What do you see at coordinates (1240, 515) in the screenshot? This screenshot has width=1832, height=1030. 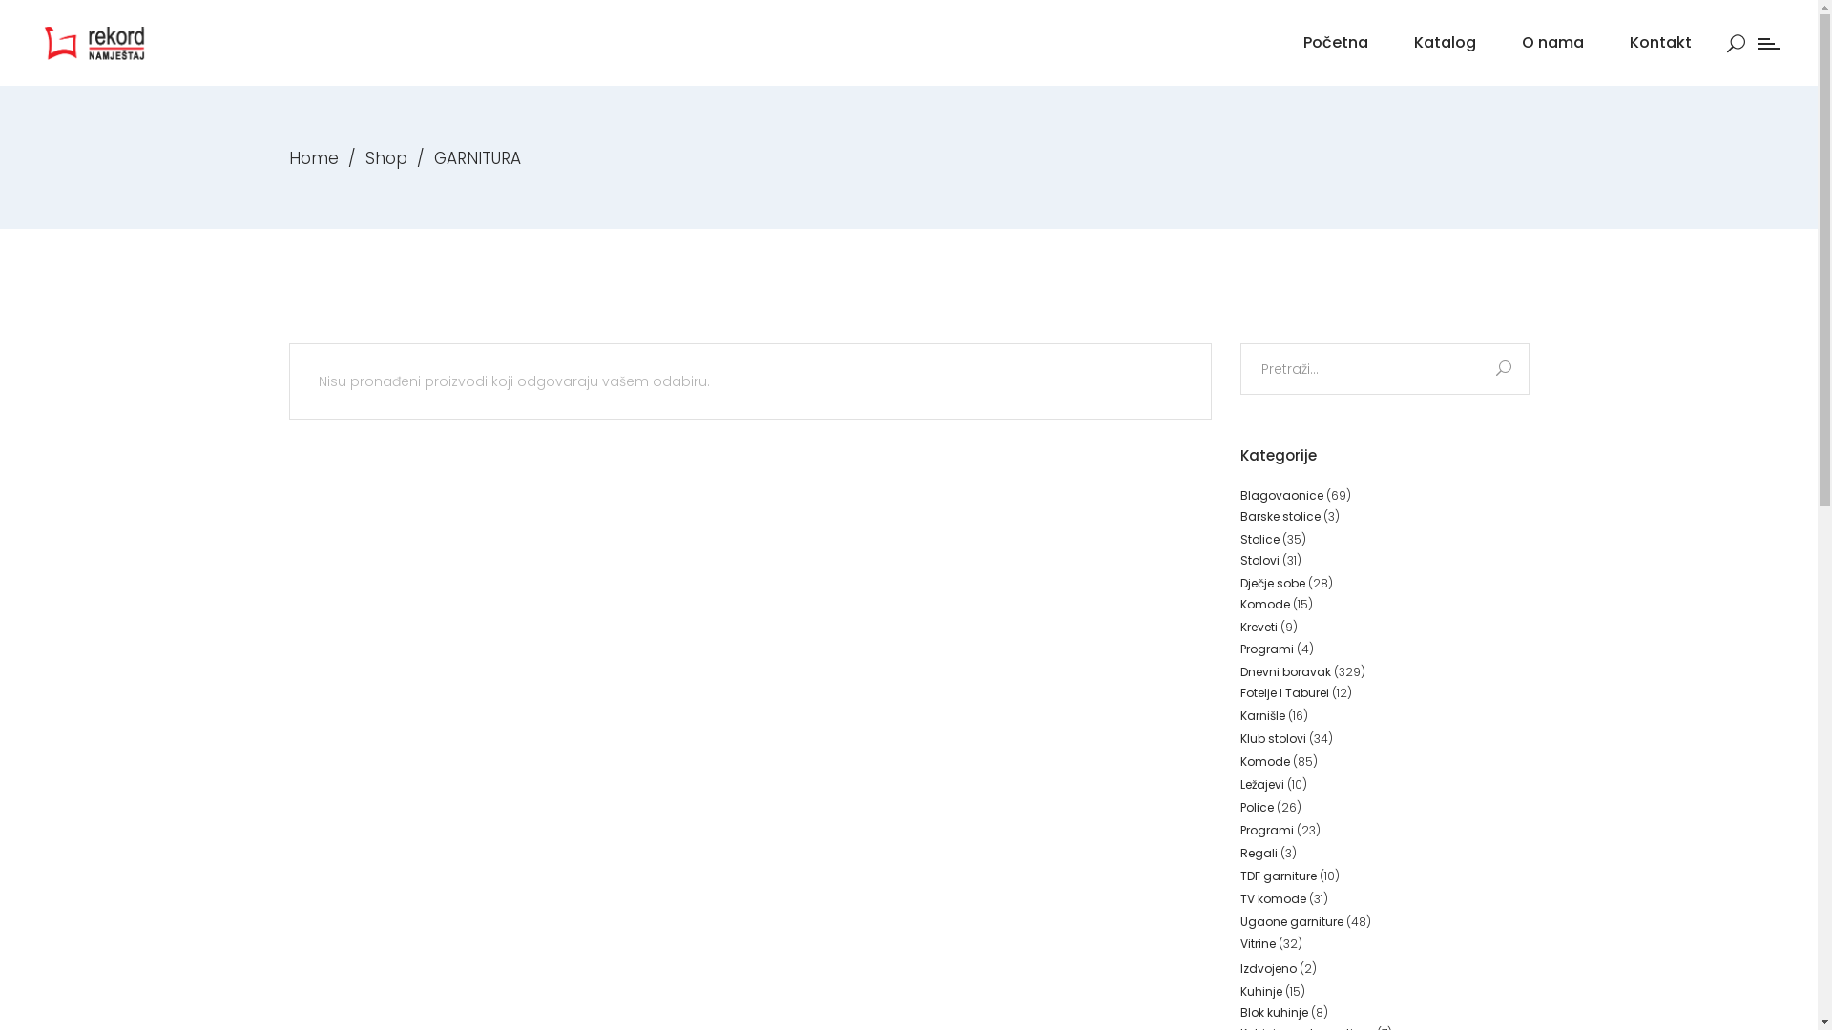 I see `'Barske stolice'` at bounding box center [1240, 515].